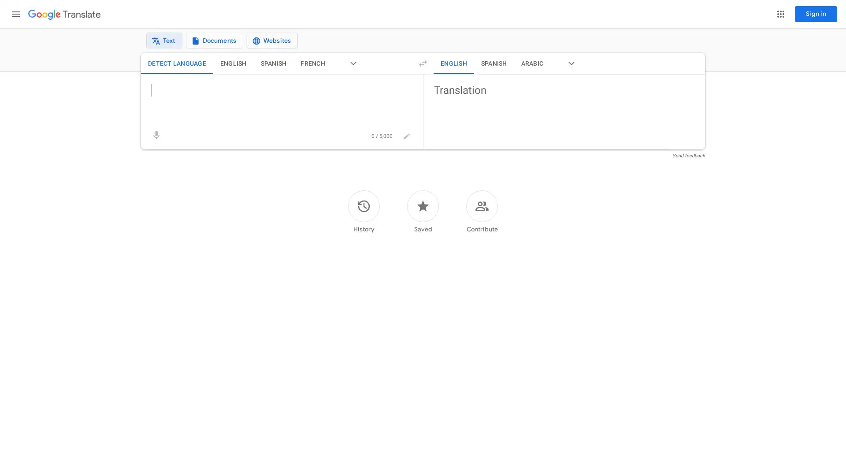 This screenshot has width=846, height=476. What do you see at coordinates (208, 43) in the screenshot?
I see `Document translation` at bounding box center [208, 43].